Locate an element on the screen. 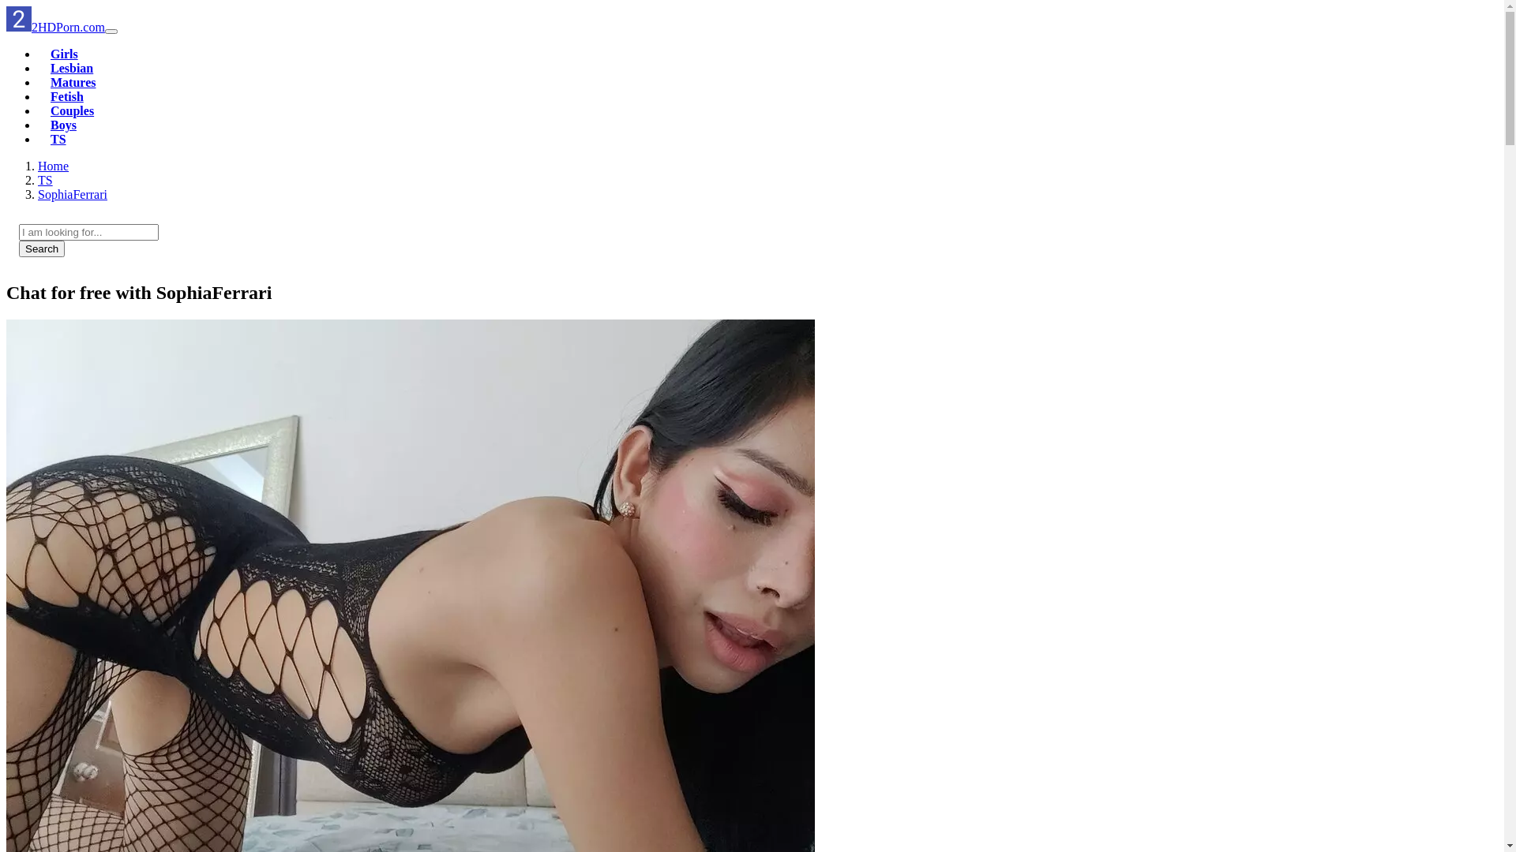 Image resolution: width=1516 pixels, height=852 pixels. 'Matures' is located at coordinates (72, 82).